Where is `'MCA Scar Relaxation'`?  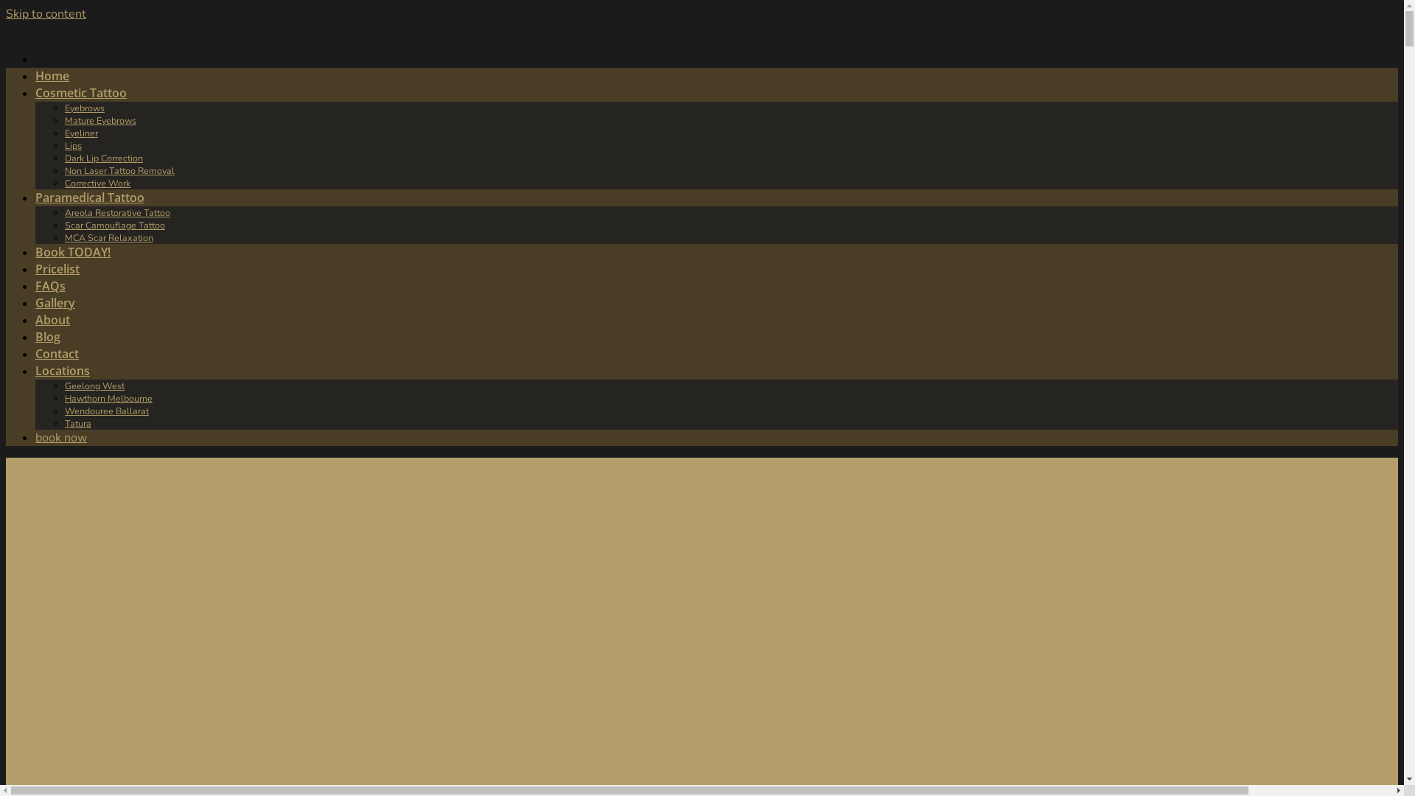 'MCA Scar Relaxation' is located at coordinates (108, 237).